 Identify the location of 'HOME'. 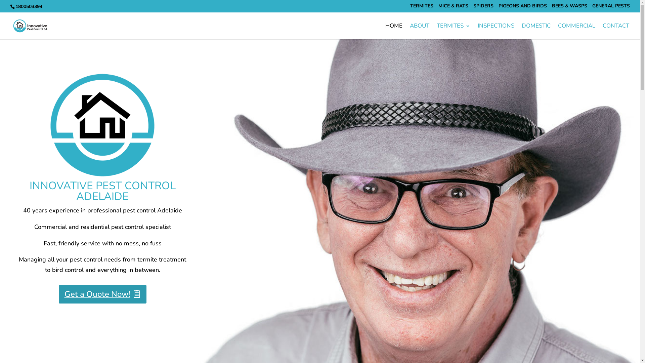
(394, 31).